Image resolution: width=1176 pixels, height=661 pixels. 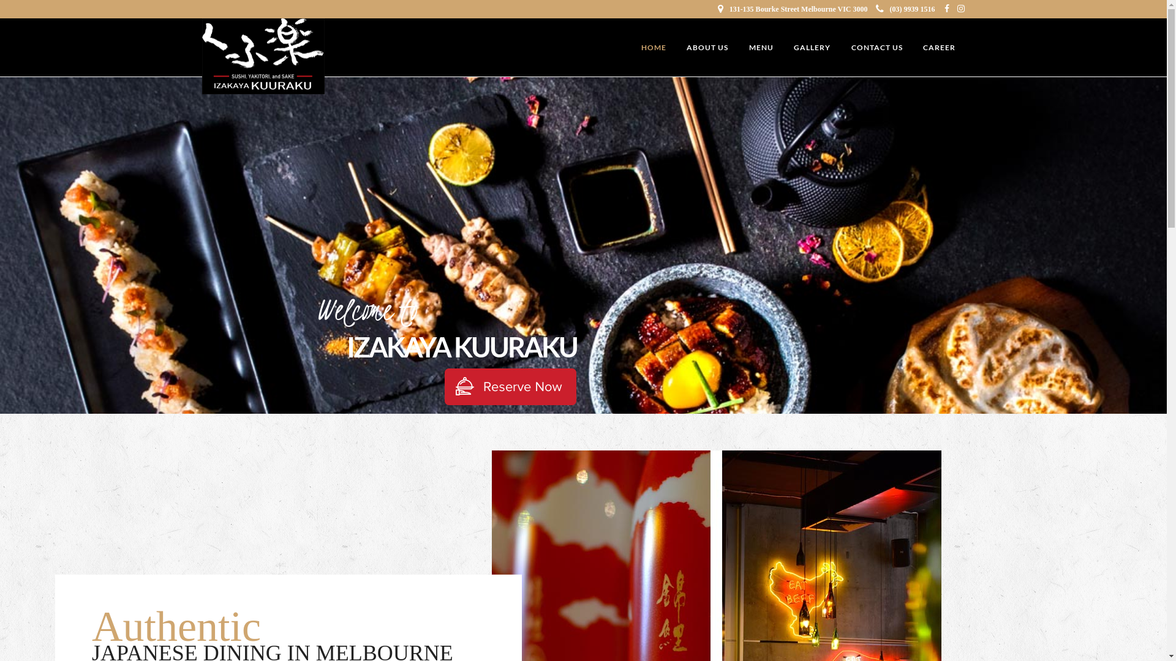 I want to click on 'GALLERY', so click(x=812, y=47).